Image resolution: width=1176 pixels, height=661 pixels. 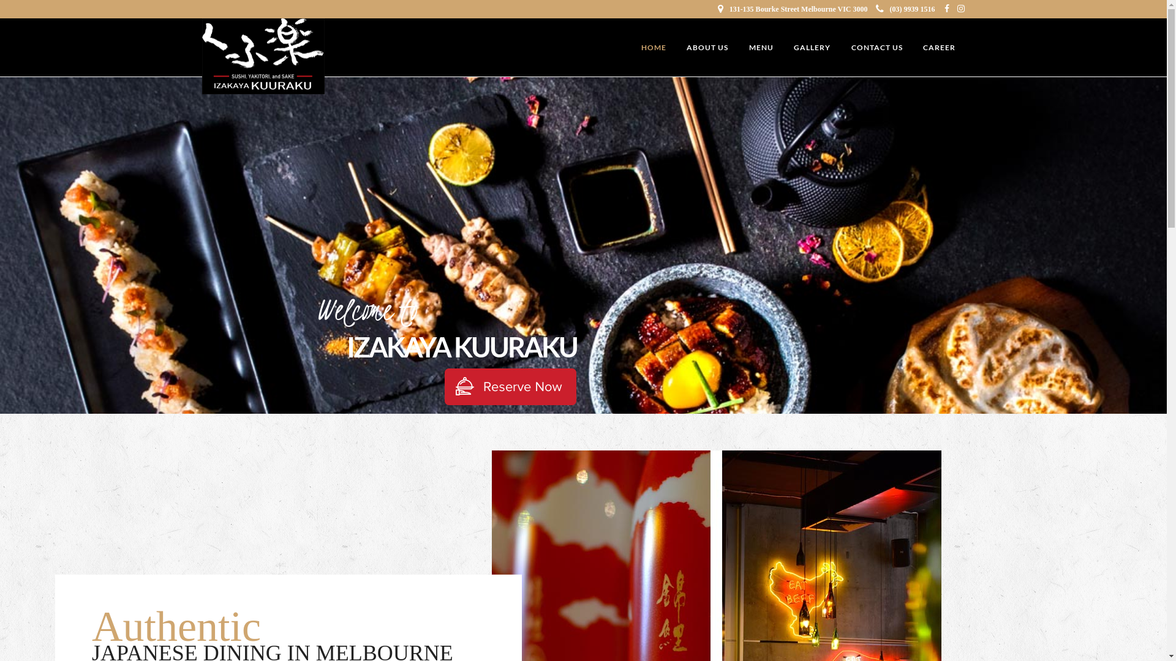 I want to click on 'GALLERY', so click(x=812, y=47).